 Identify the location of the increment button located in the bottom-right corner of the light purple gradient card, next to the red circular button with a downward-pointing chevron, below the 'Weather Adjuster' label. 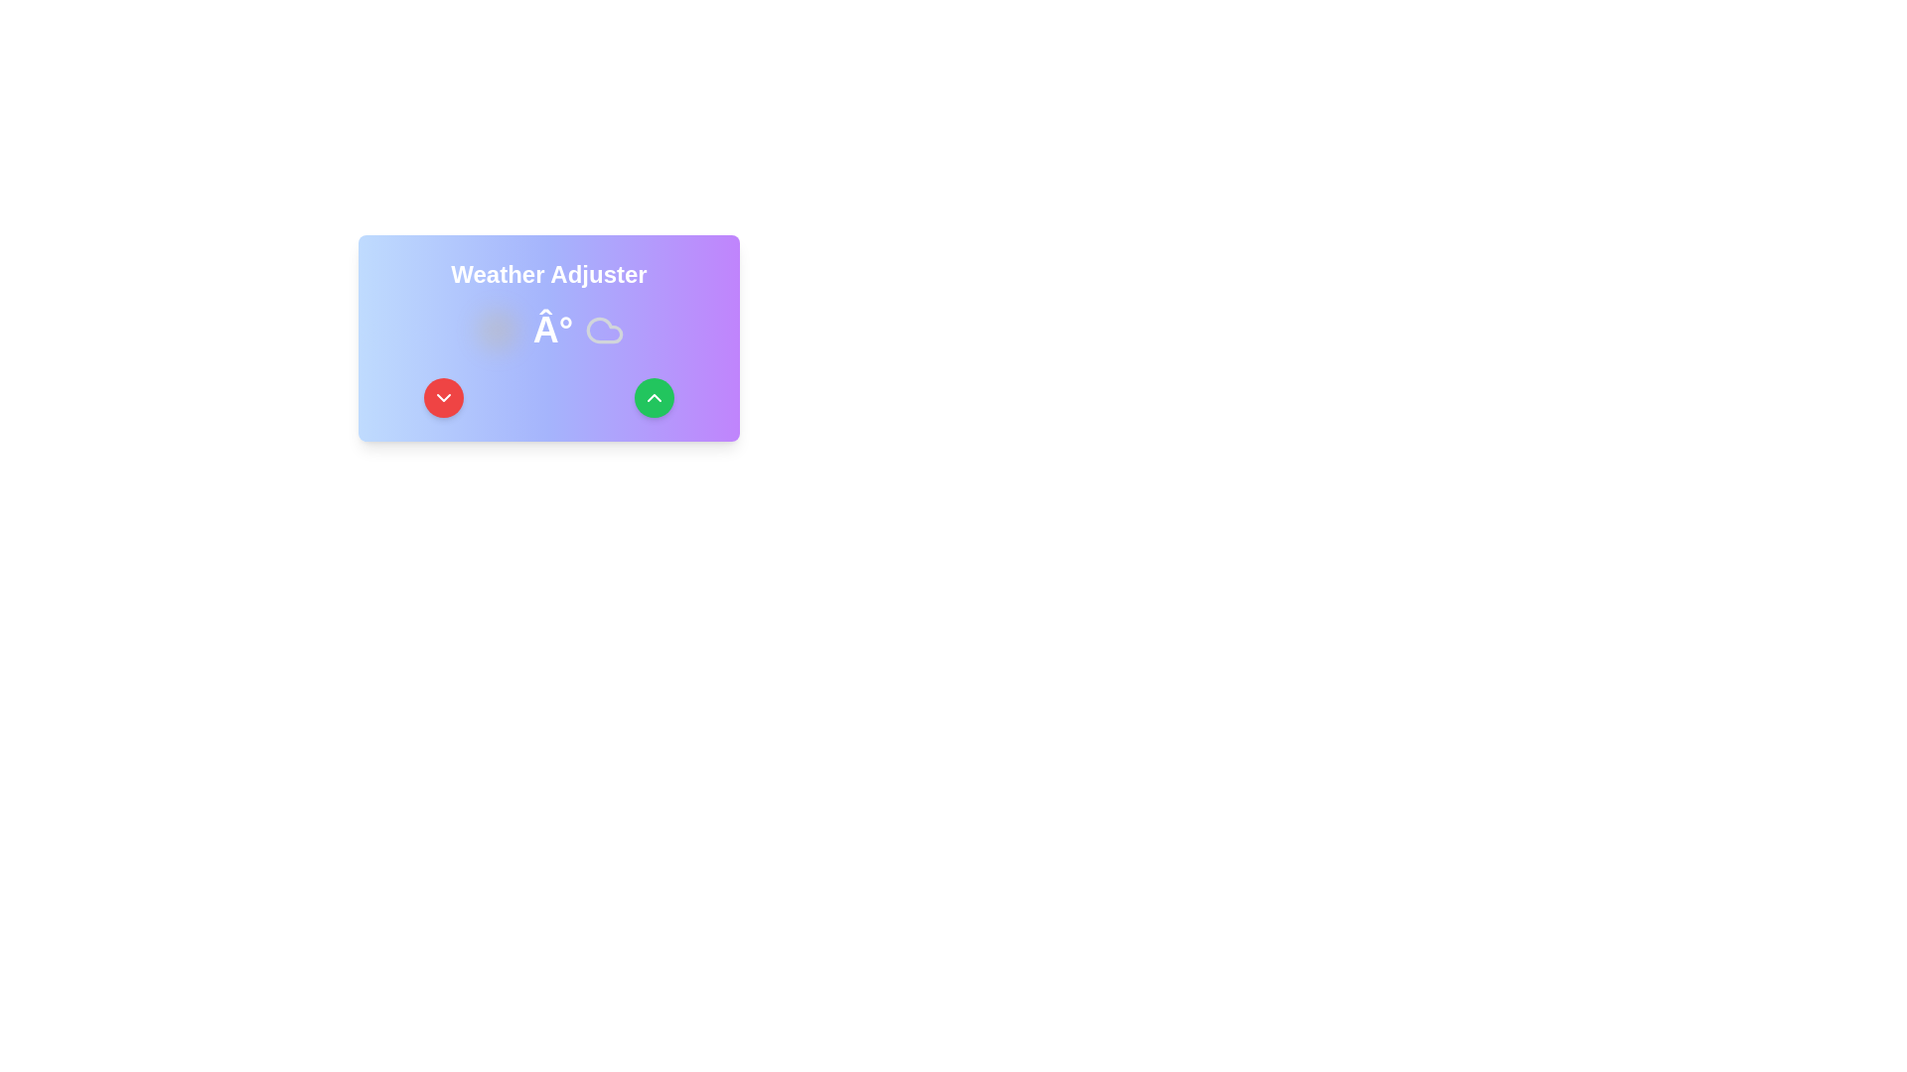
(654, 398).